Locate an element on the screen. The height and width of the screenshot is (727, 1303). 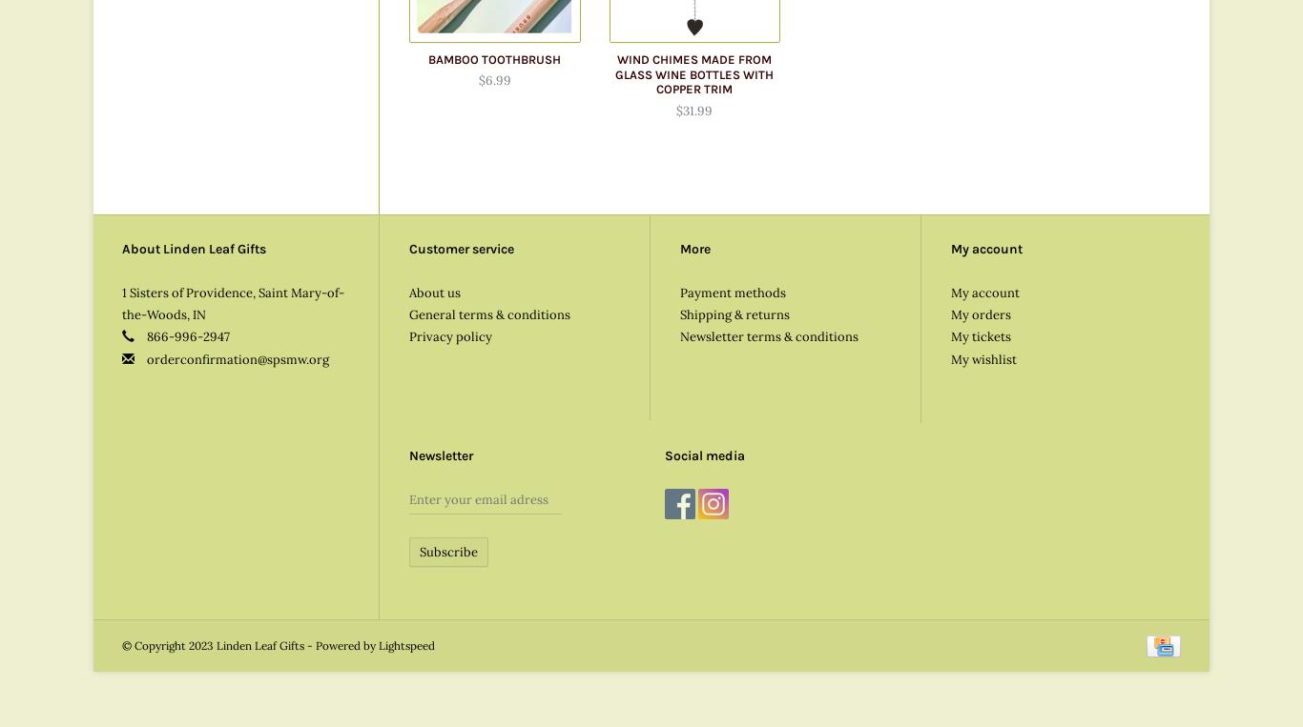
'866-996-2947' is located at coordinates (186, 335).